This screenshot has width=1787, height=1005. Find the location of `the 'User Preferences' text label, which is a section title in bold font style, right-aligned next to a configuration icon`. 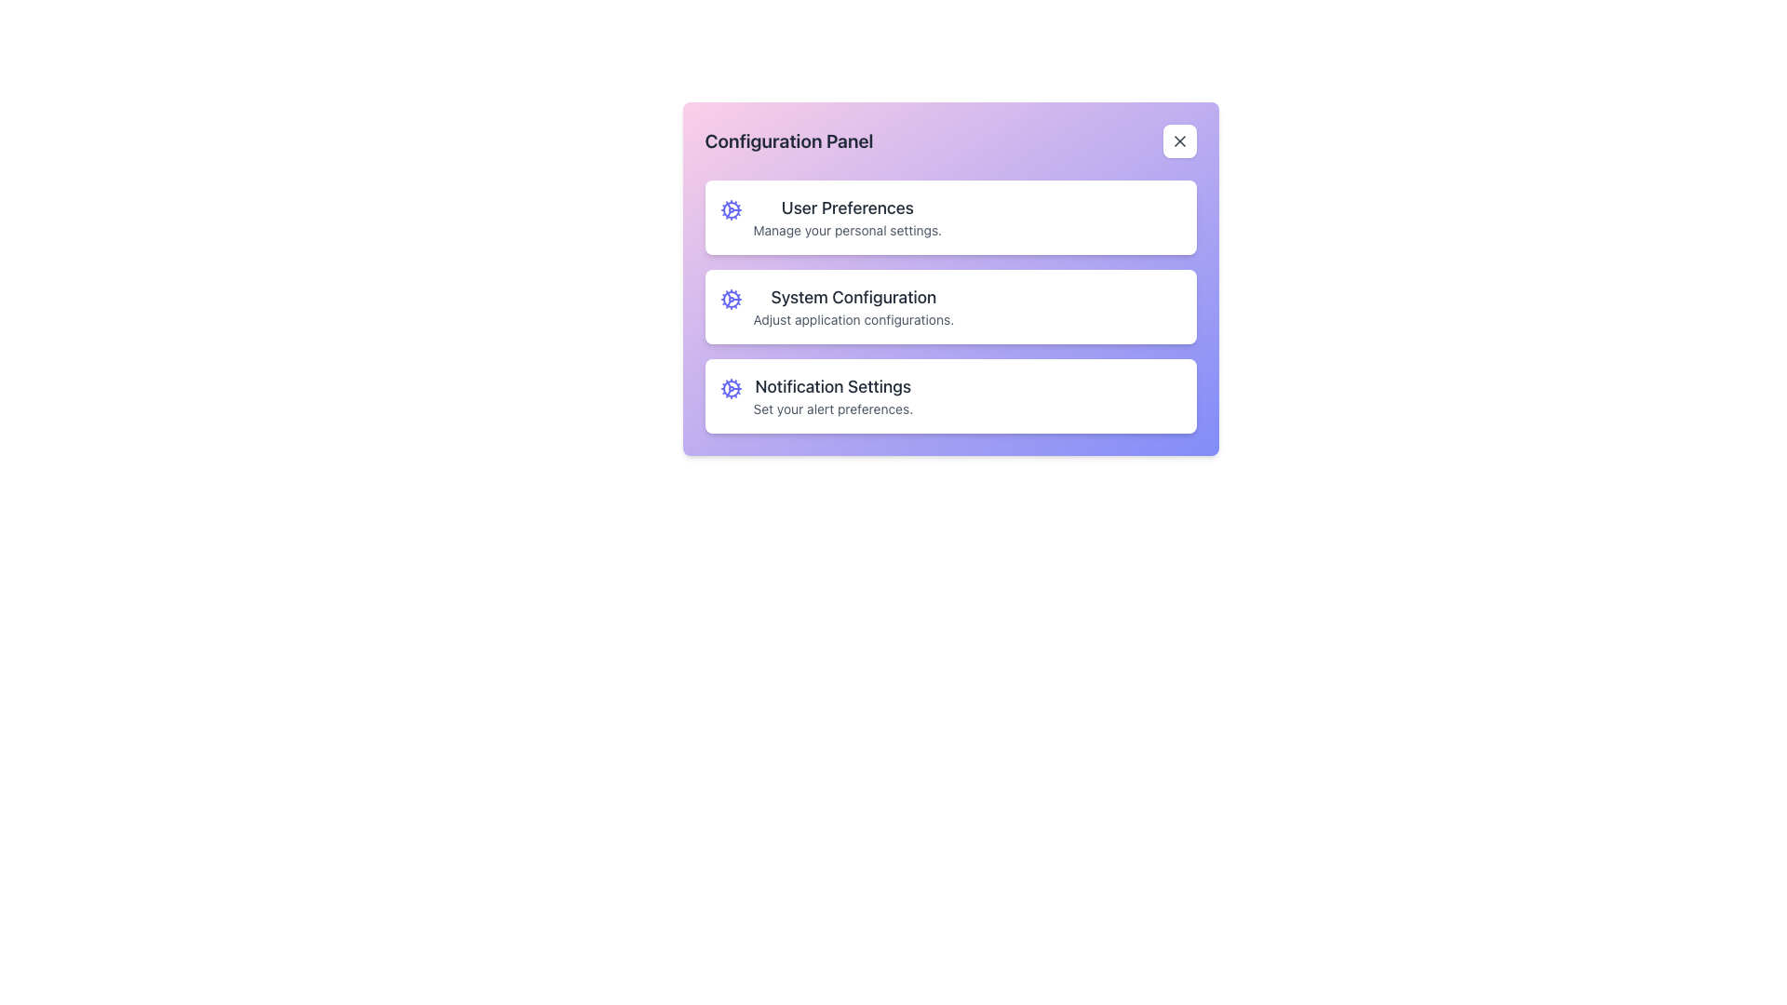

the 'User Preferences' text label, which is a section title in bold font style, right-aligned next to a configuration icon is located at coordinates (846, 208).